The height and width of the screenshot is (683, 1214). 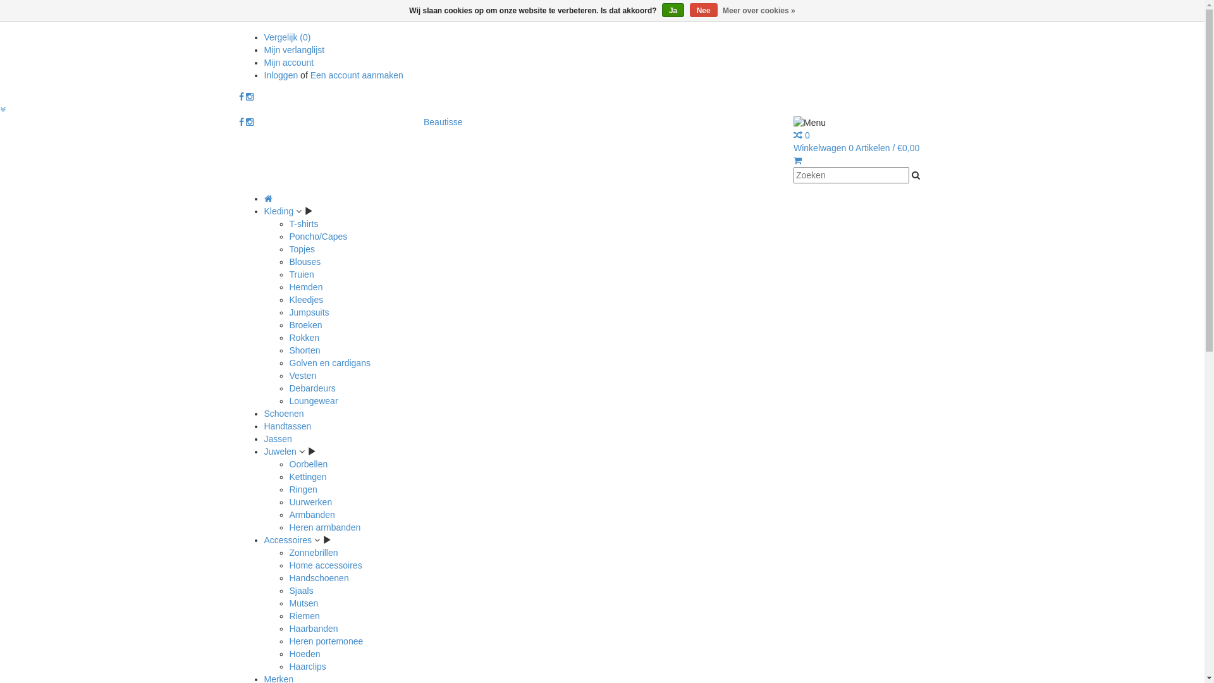 What do you see at coordinates (242, 121) in the screenshot?
I see `'Facebook Beautisse'` at bounding box center [242, 121].